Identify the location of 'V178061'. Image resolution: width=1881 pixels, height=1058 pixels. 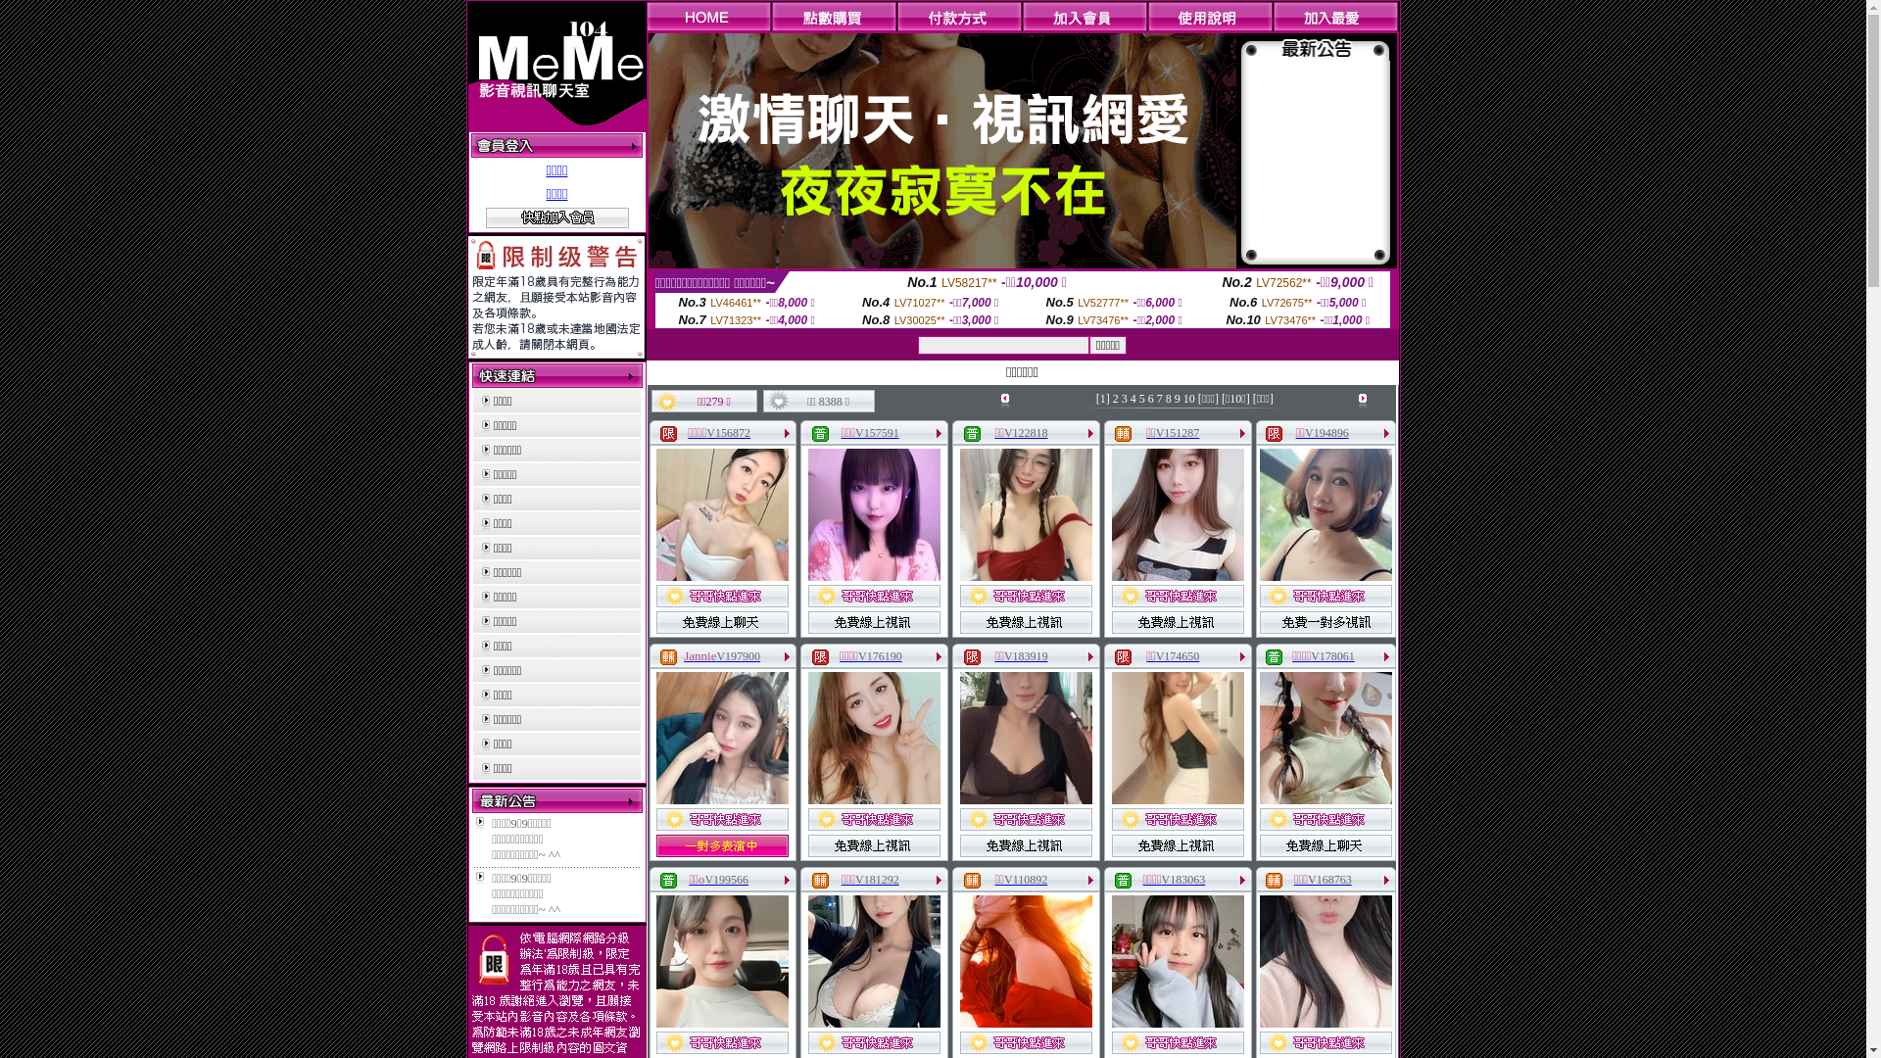
(1332, 656).